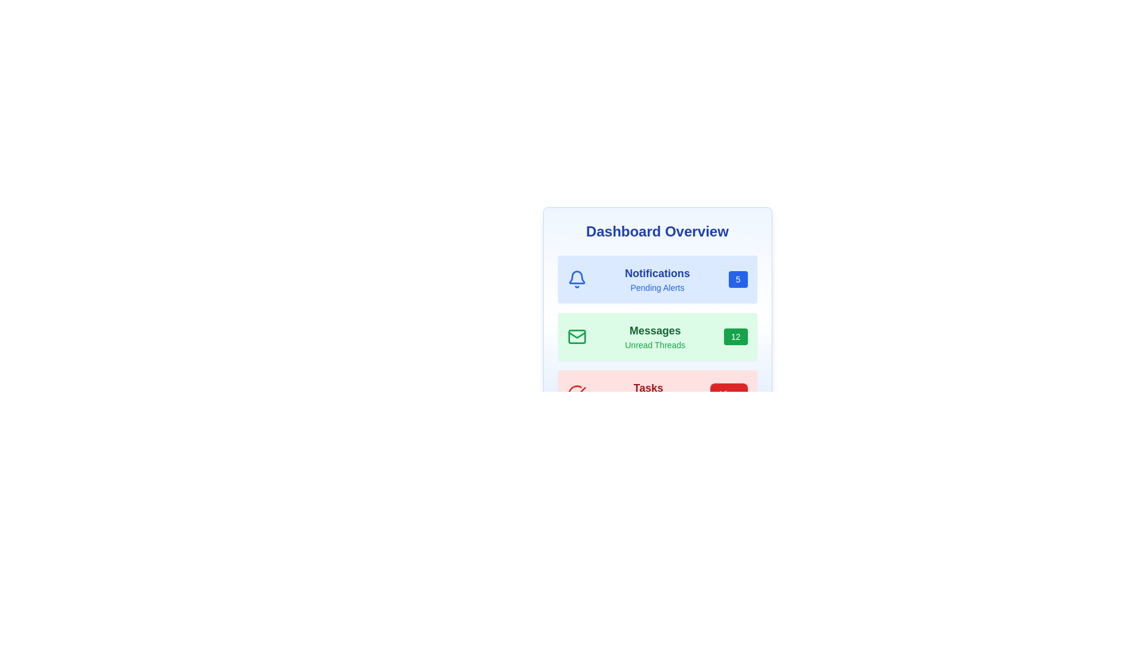  I want to click on the green envelope icon located at the top-left corner of the 'Messages' section, adjacent to the 'Unread Threads' text and the numerical indicator '12', so click(577, 336).